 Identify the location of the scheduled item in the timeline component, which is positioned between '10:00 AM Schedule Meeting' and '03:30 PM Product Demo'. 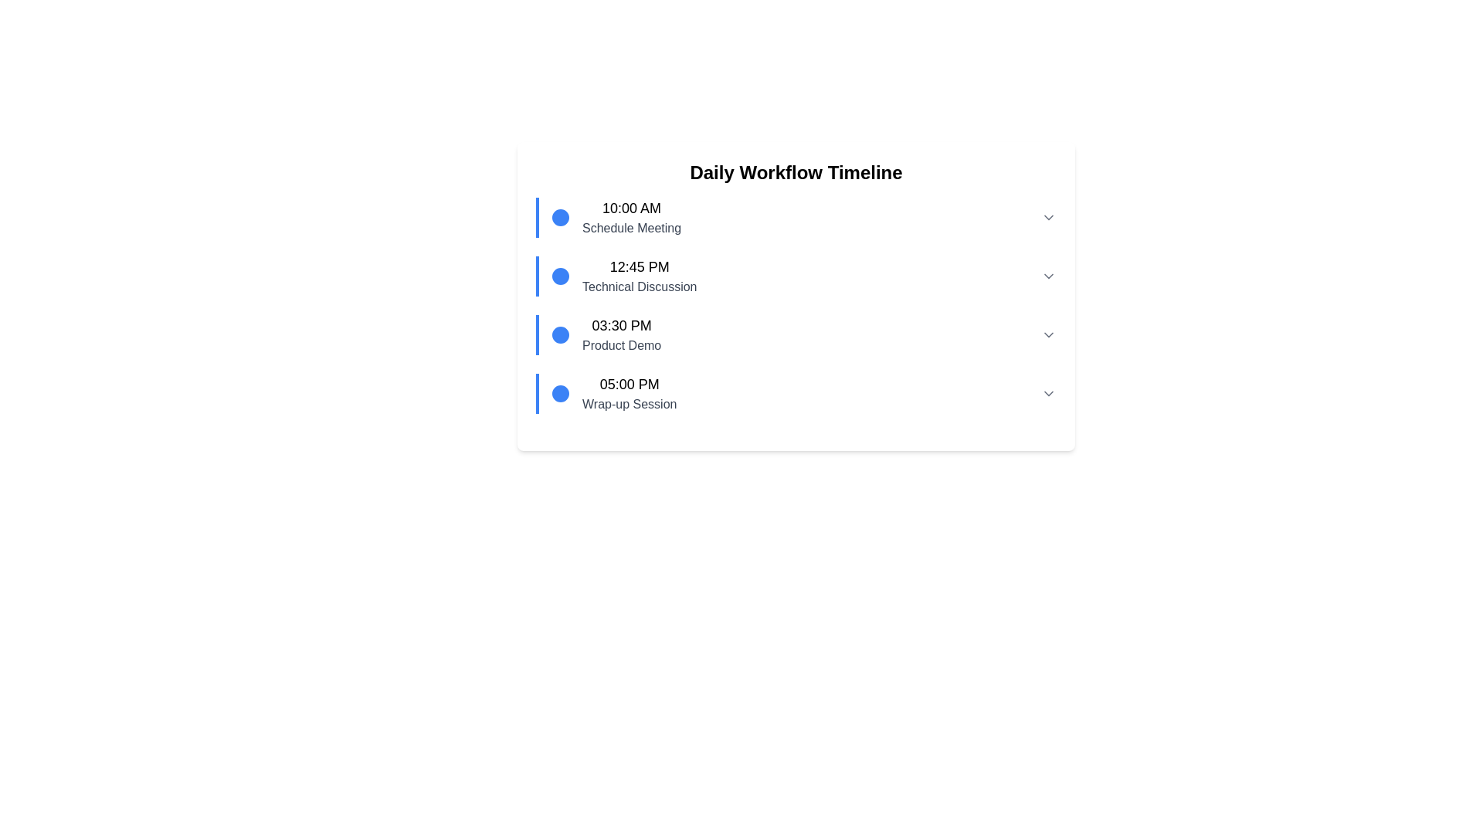
(624, 276).